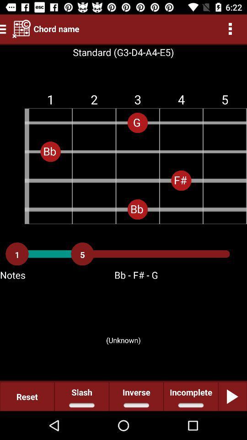  I want to click on the inverse, so click(136, 396).